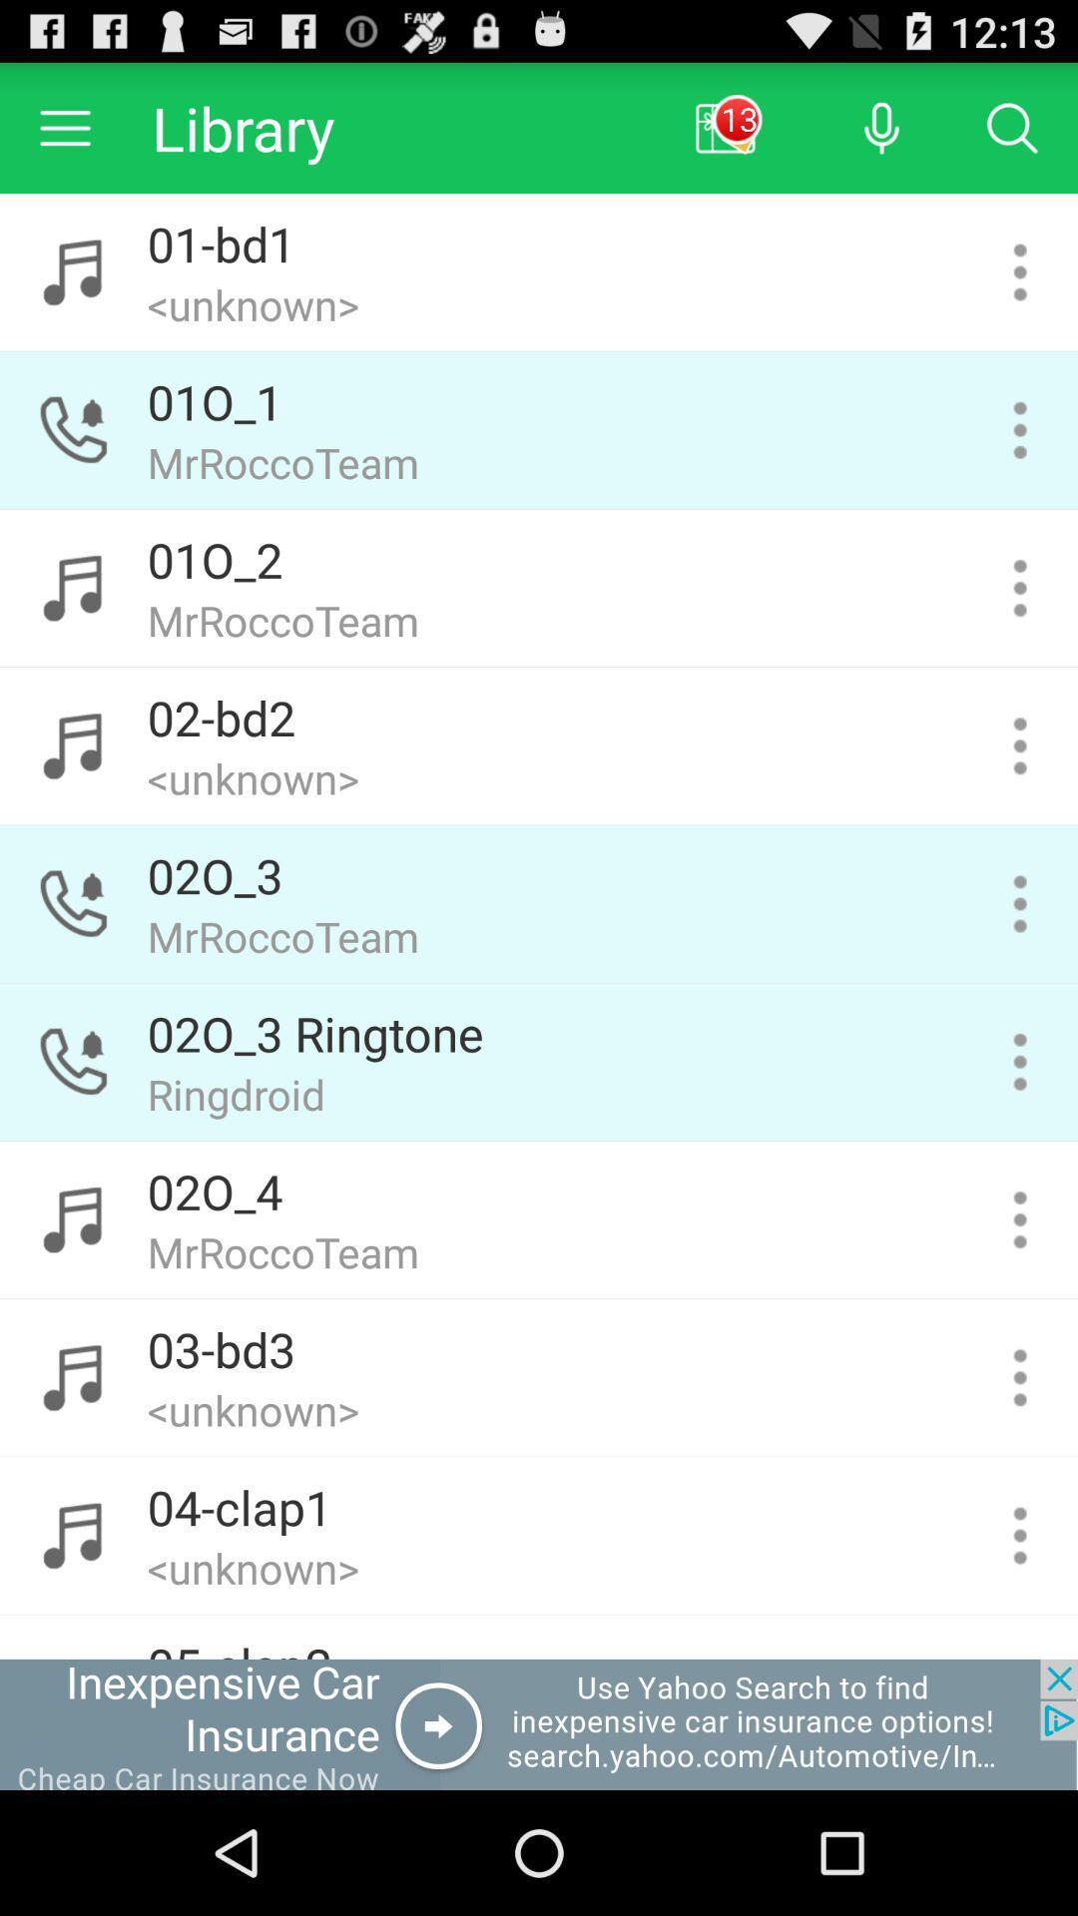 The height and width of the screenshot is (1916, 1078). What do you see at coordinates (64, 136) in the screenshot?
I see `the menu icon` at bounding box center [64, 136].